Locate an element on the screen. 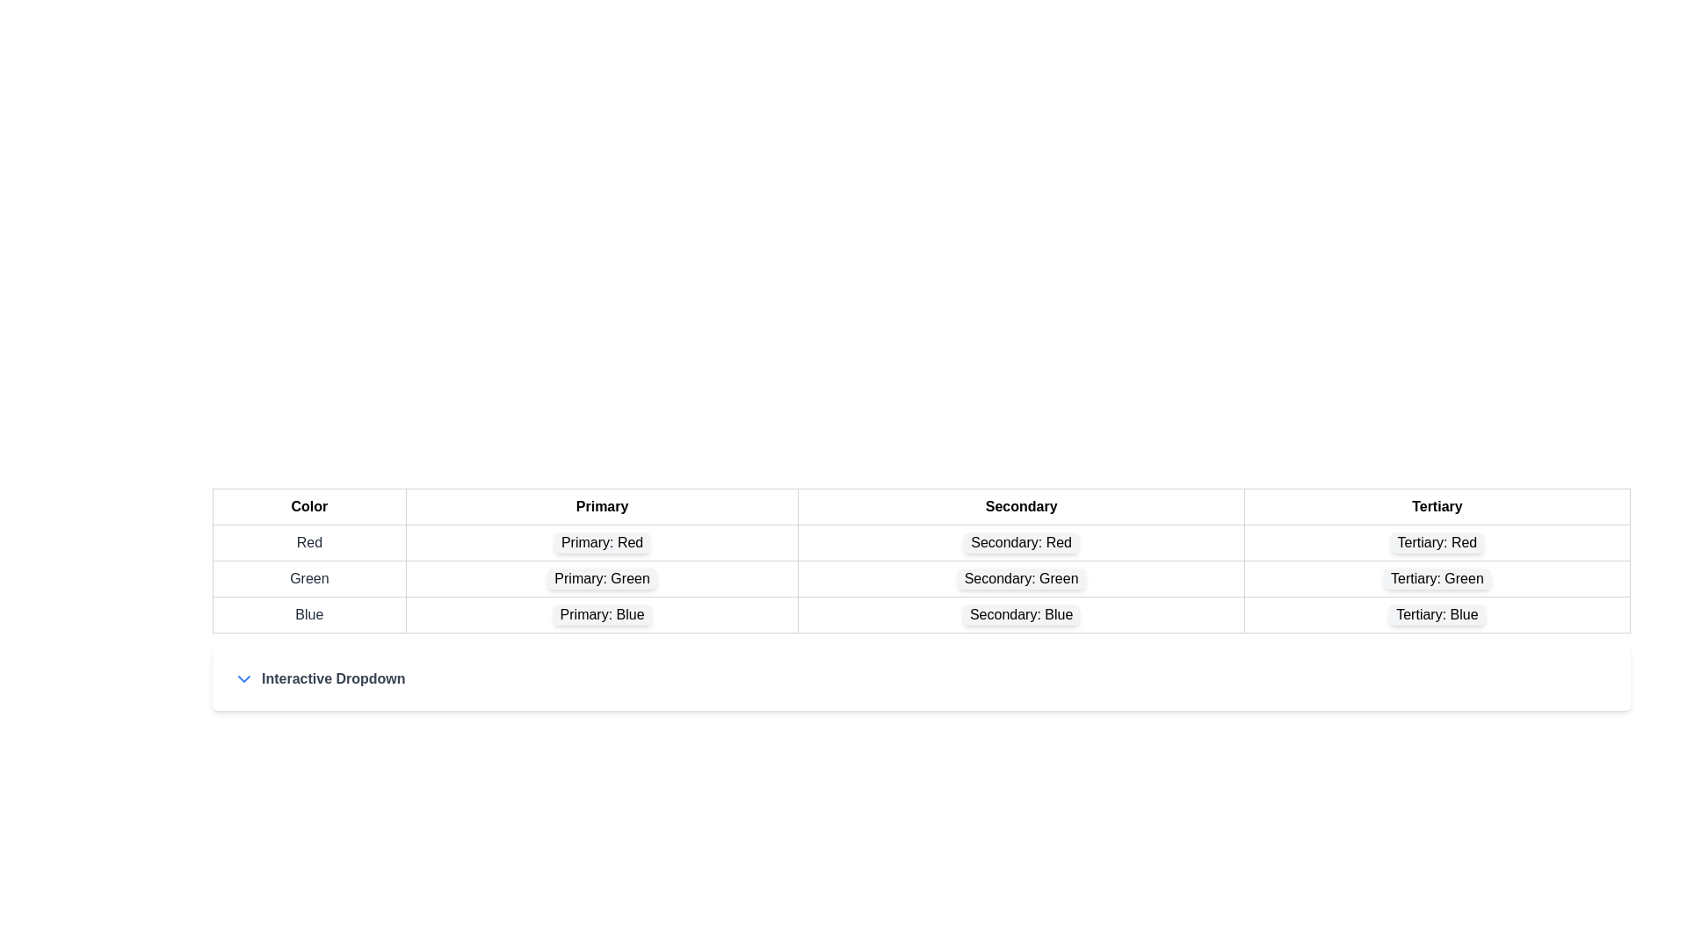 This screenshot has width=1687, height=949. the 'Green' color label in the first column of the second row of the table is located at coordinates (309, 579).